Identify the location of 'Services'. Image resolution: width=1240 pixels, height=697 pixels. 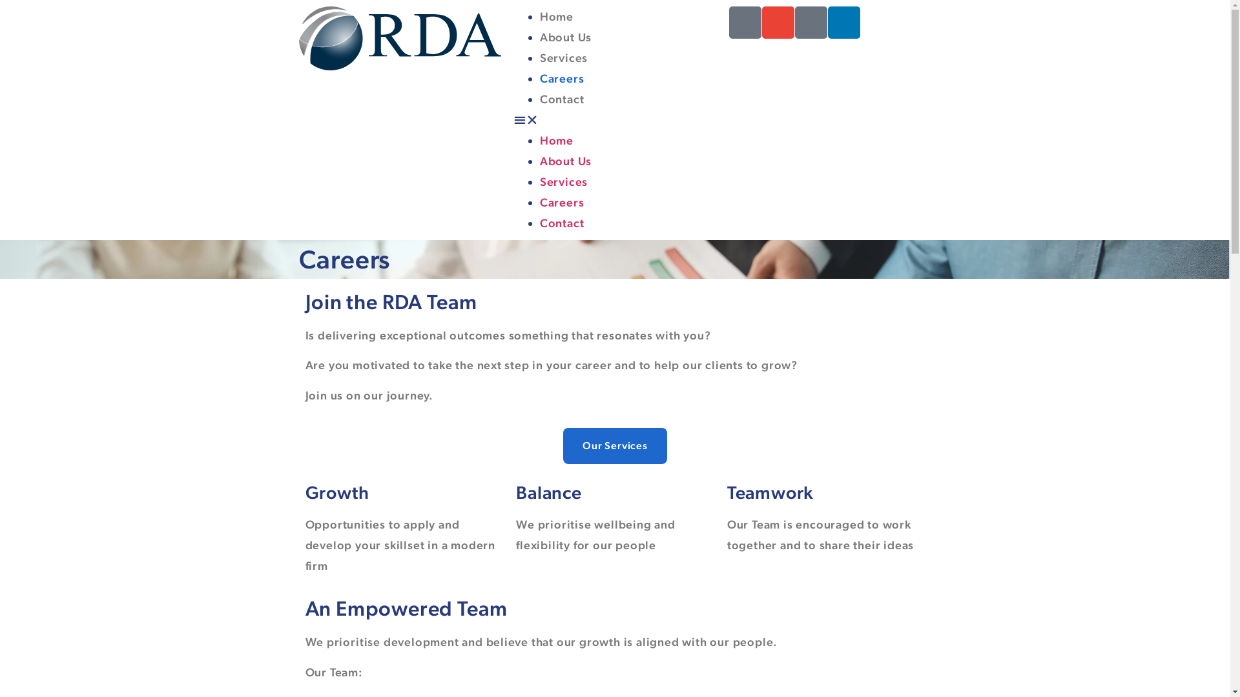
(564, 57).